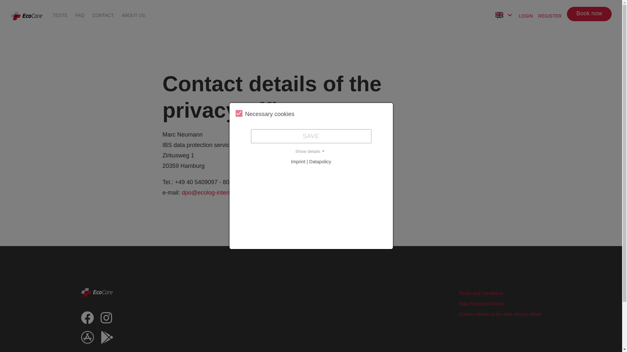 This screenshot has height=352, width=627. Describe the element at coordinates (526, 15) in the screenshot. I see `'LOGIN'` at that location.